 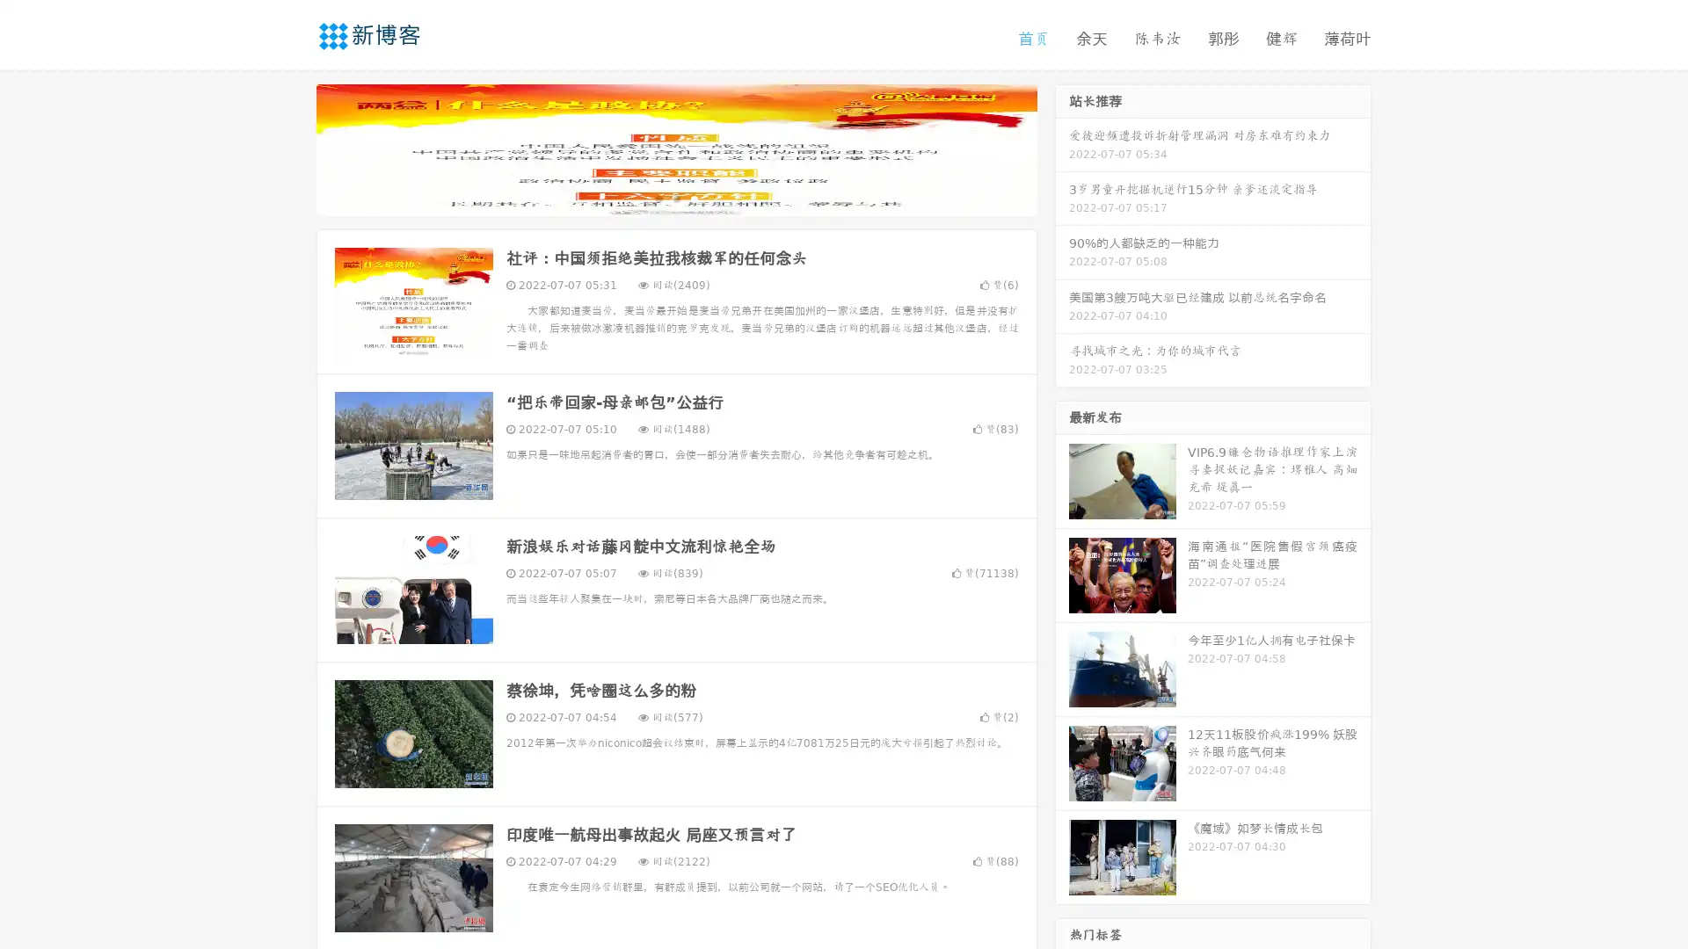 I want to click on Next slide, so click(x=1062, y=148).